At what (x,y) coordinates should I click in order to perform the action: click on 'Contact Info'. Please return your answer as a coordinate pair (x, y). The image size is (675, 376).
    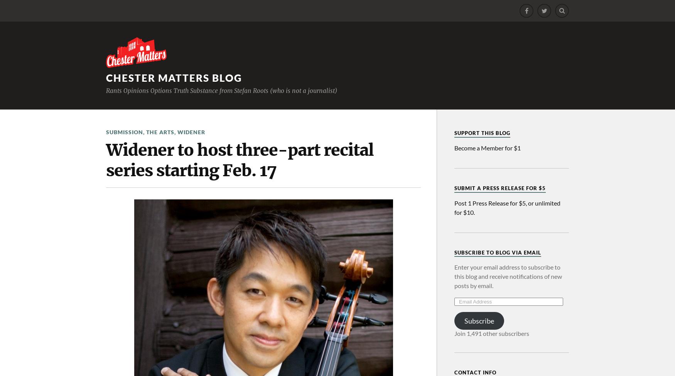
    Looking at the image, I should click on (475, 372).